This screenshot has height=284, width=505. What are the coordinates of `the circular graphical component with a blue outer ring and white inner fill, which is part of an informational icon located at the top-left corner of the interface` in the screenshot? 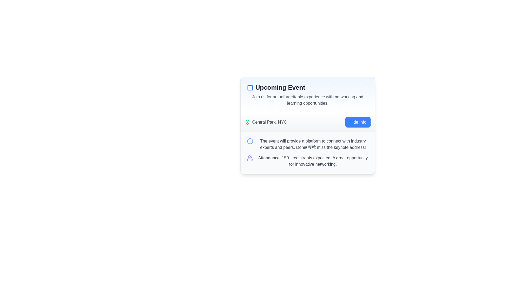 It's located at (250, 141).